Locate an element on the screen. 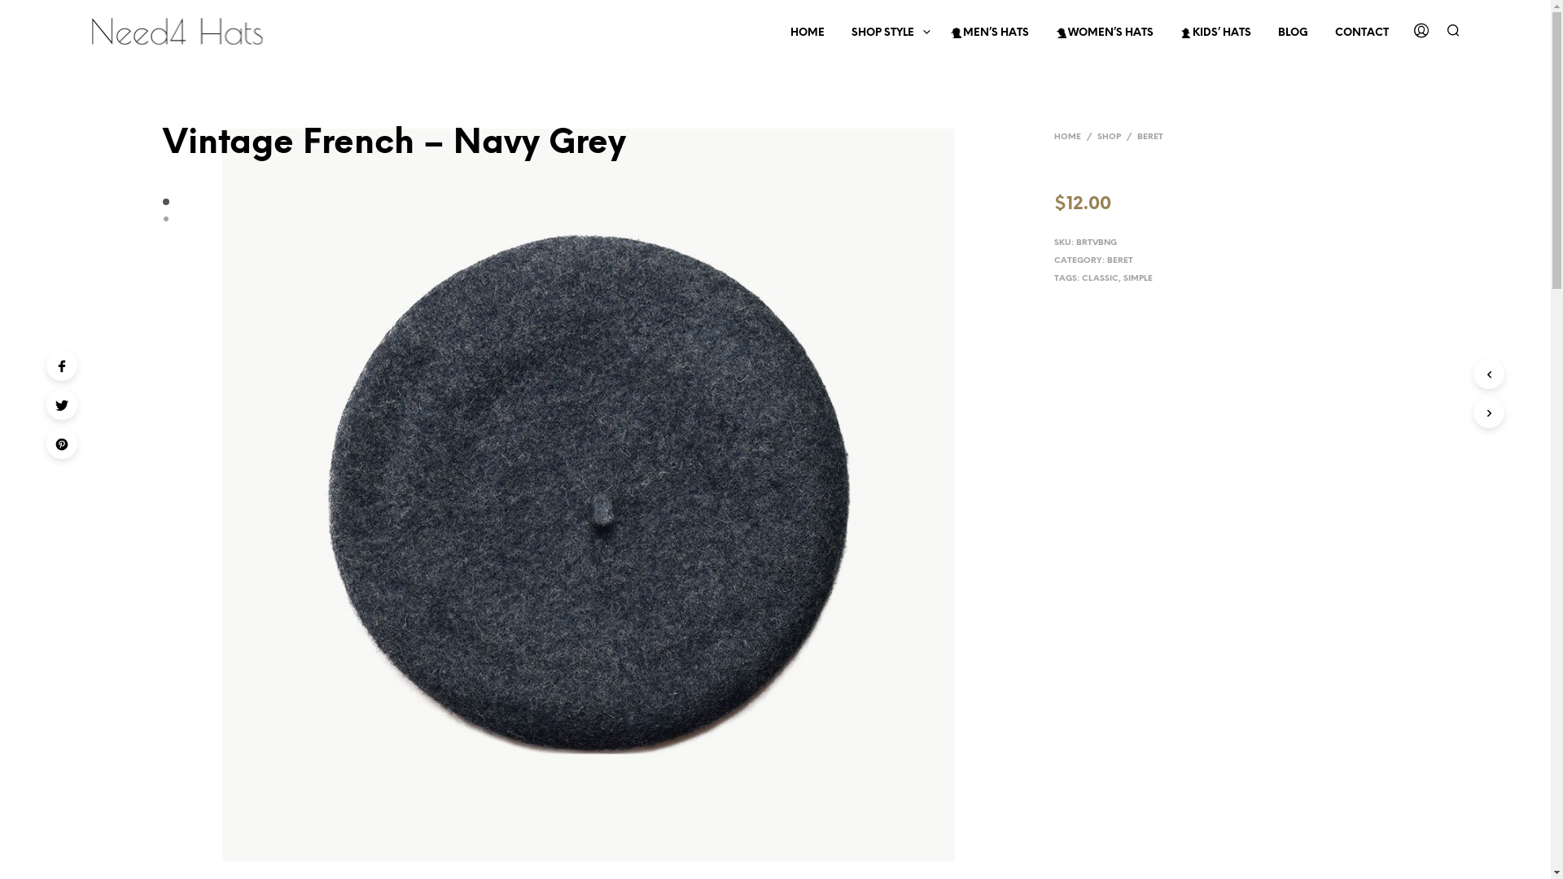  'Facebook' is located at coordinates (62, 364).